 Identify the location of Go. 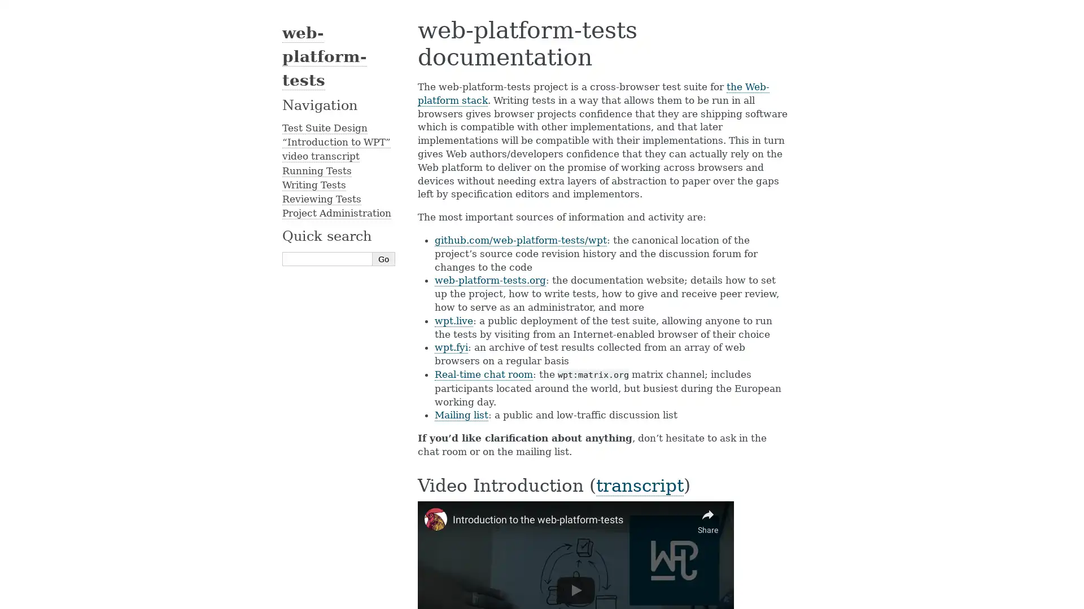
(384, 259).